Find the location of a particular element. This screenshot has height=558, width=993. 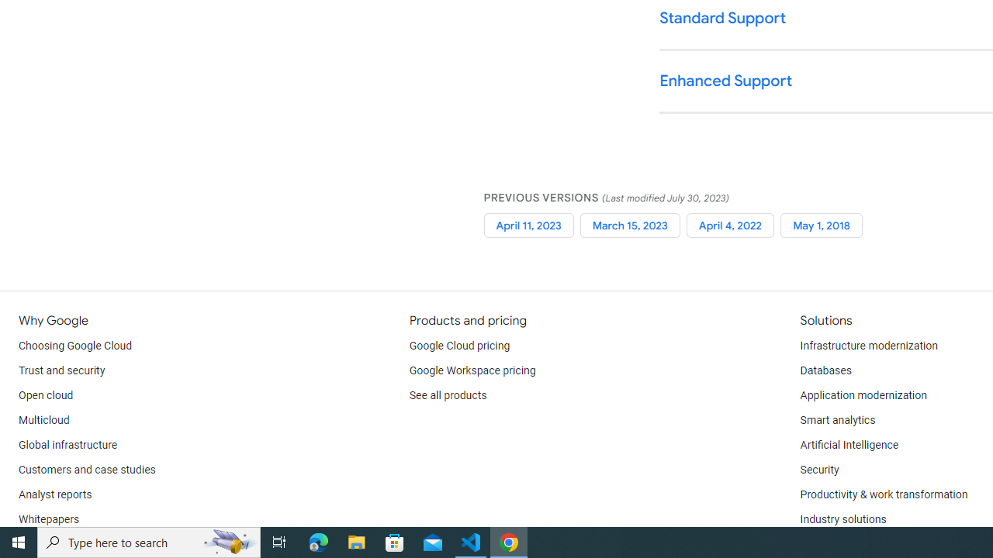

'Global infrastructure' is located at coordinates (67, 445).